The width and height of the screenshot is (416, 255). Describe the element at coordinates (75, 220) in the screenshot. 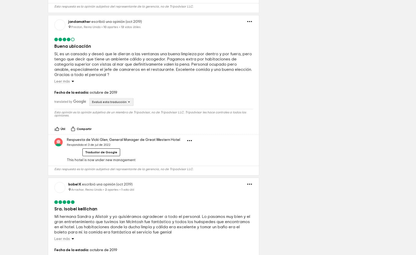

I see `'Isobel K'` at that location.